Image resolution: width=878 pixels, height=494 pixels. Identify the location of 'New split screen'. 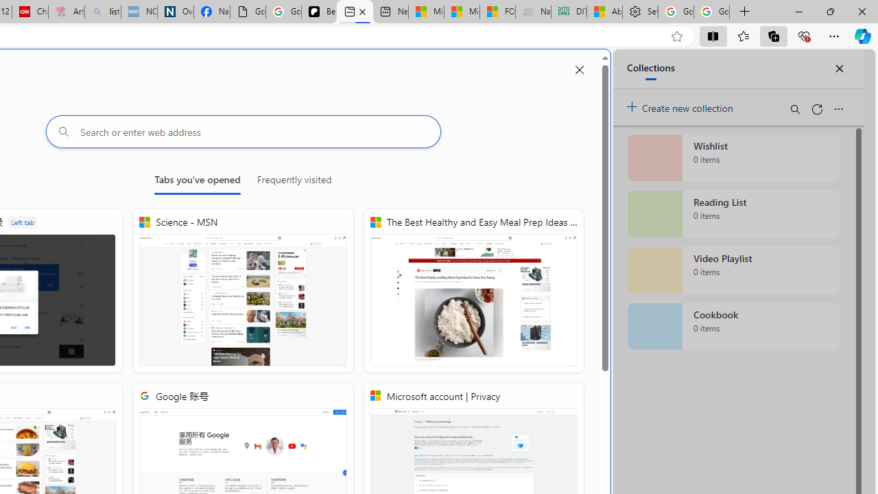
(355, 12).